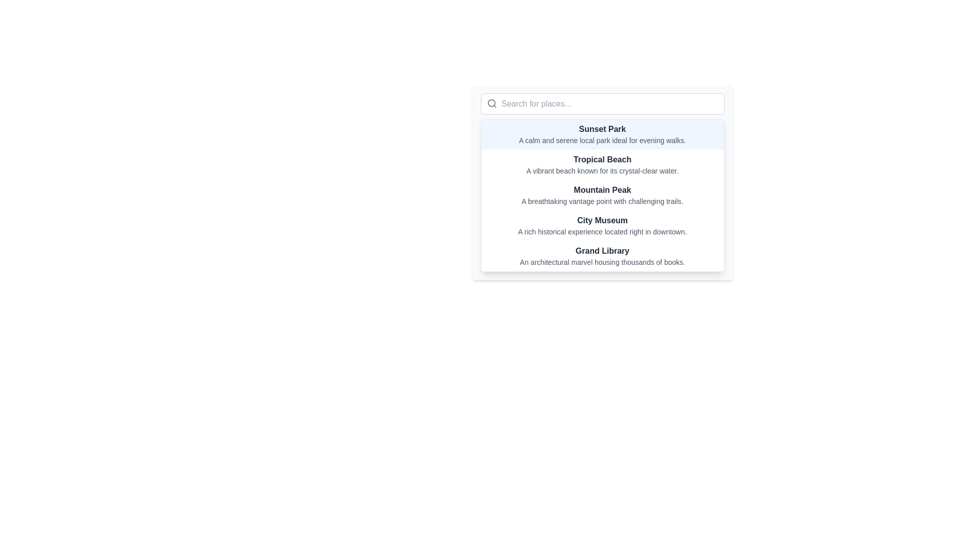 Image resolution: width=975 pixels, height=548 pixels. Describe the element at coordinates (602, 134) in the screenshot. I see `the static informational display titled 'Sunset Park', which features a bold dark gray title and a lighter gray subtitle, surrounded by a light blue background` at that location.